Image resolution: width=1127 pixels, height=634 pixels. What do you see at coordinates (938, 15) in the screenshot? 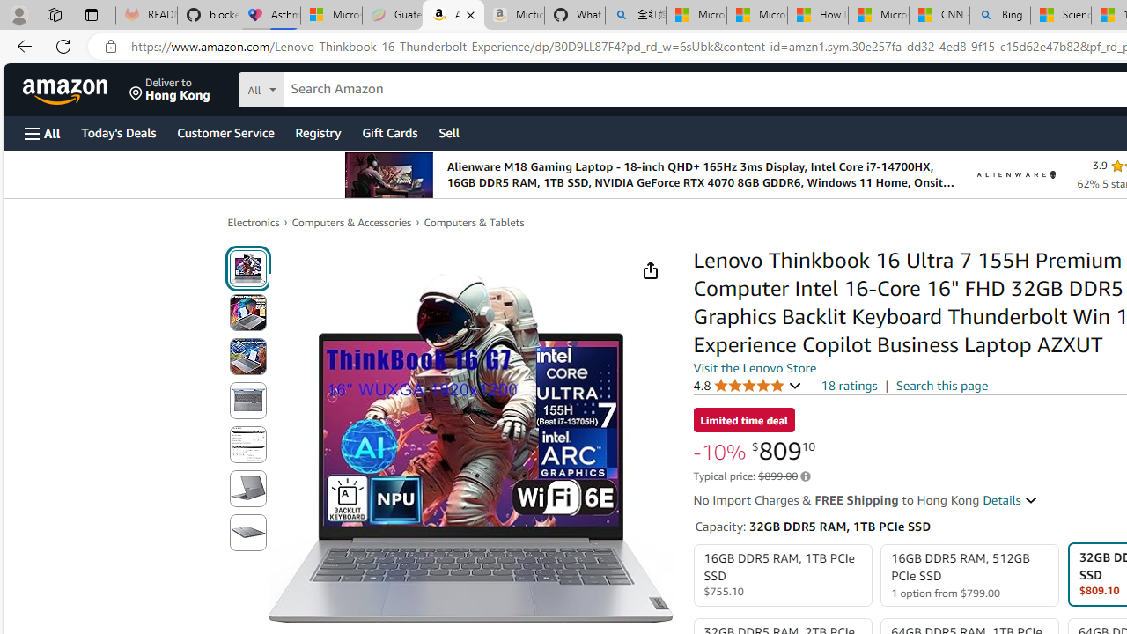
I see `'CNN - MSN'` at bounding box center [938, 15].